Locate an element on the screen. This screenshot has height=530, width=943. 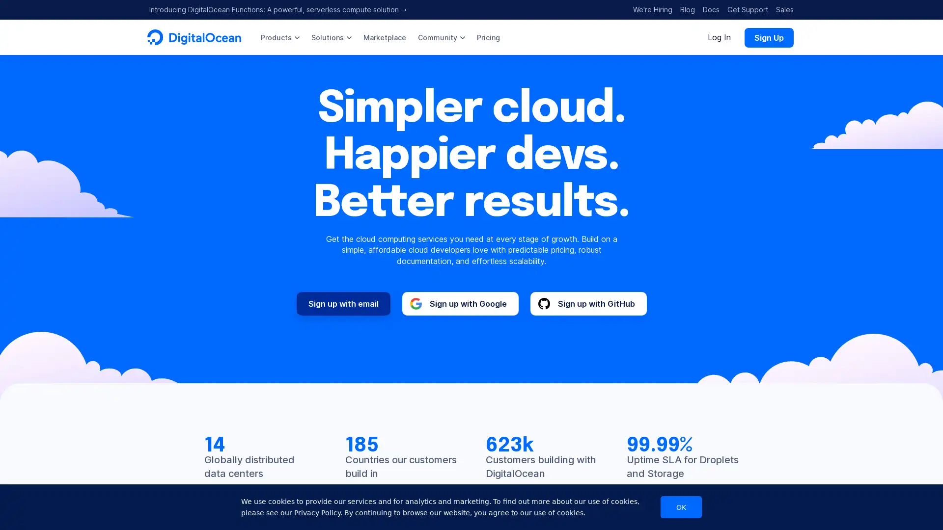
Log In is located at coordinates (719, 37).